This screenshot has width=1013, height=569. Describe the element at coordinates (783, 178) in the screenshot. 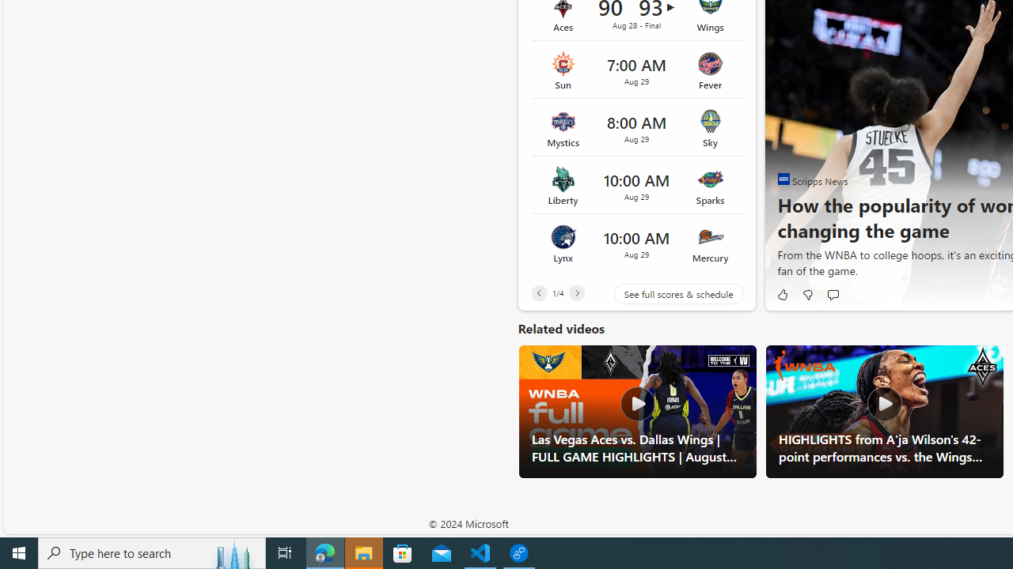

I see `'Scripps News'` at that location.